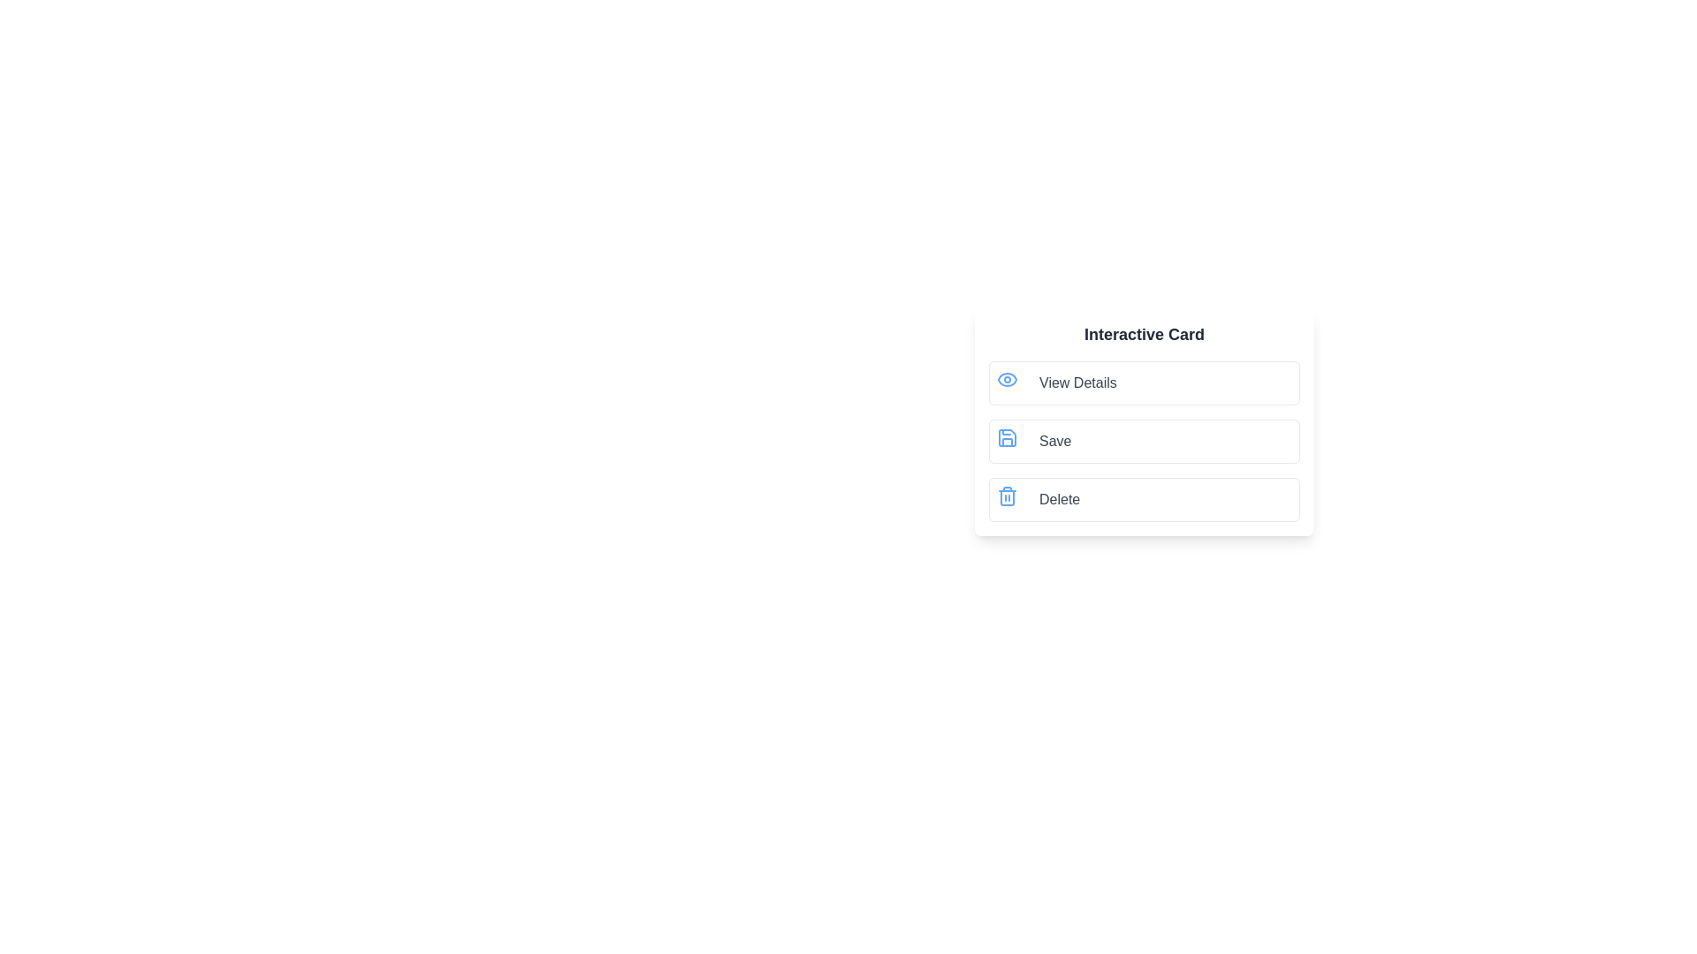 The image size is (1697, 954). Describe the element at coordinates (1008, 496) in the screenshot. I see `the trash can icon with a blue outline, which is the third icon in a vertical list` at that location.